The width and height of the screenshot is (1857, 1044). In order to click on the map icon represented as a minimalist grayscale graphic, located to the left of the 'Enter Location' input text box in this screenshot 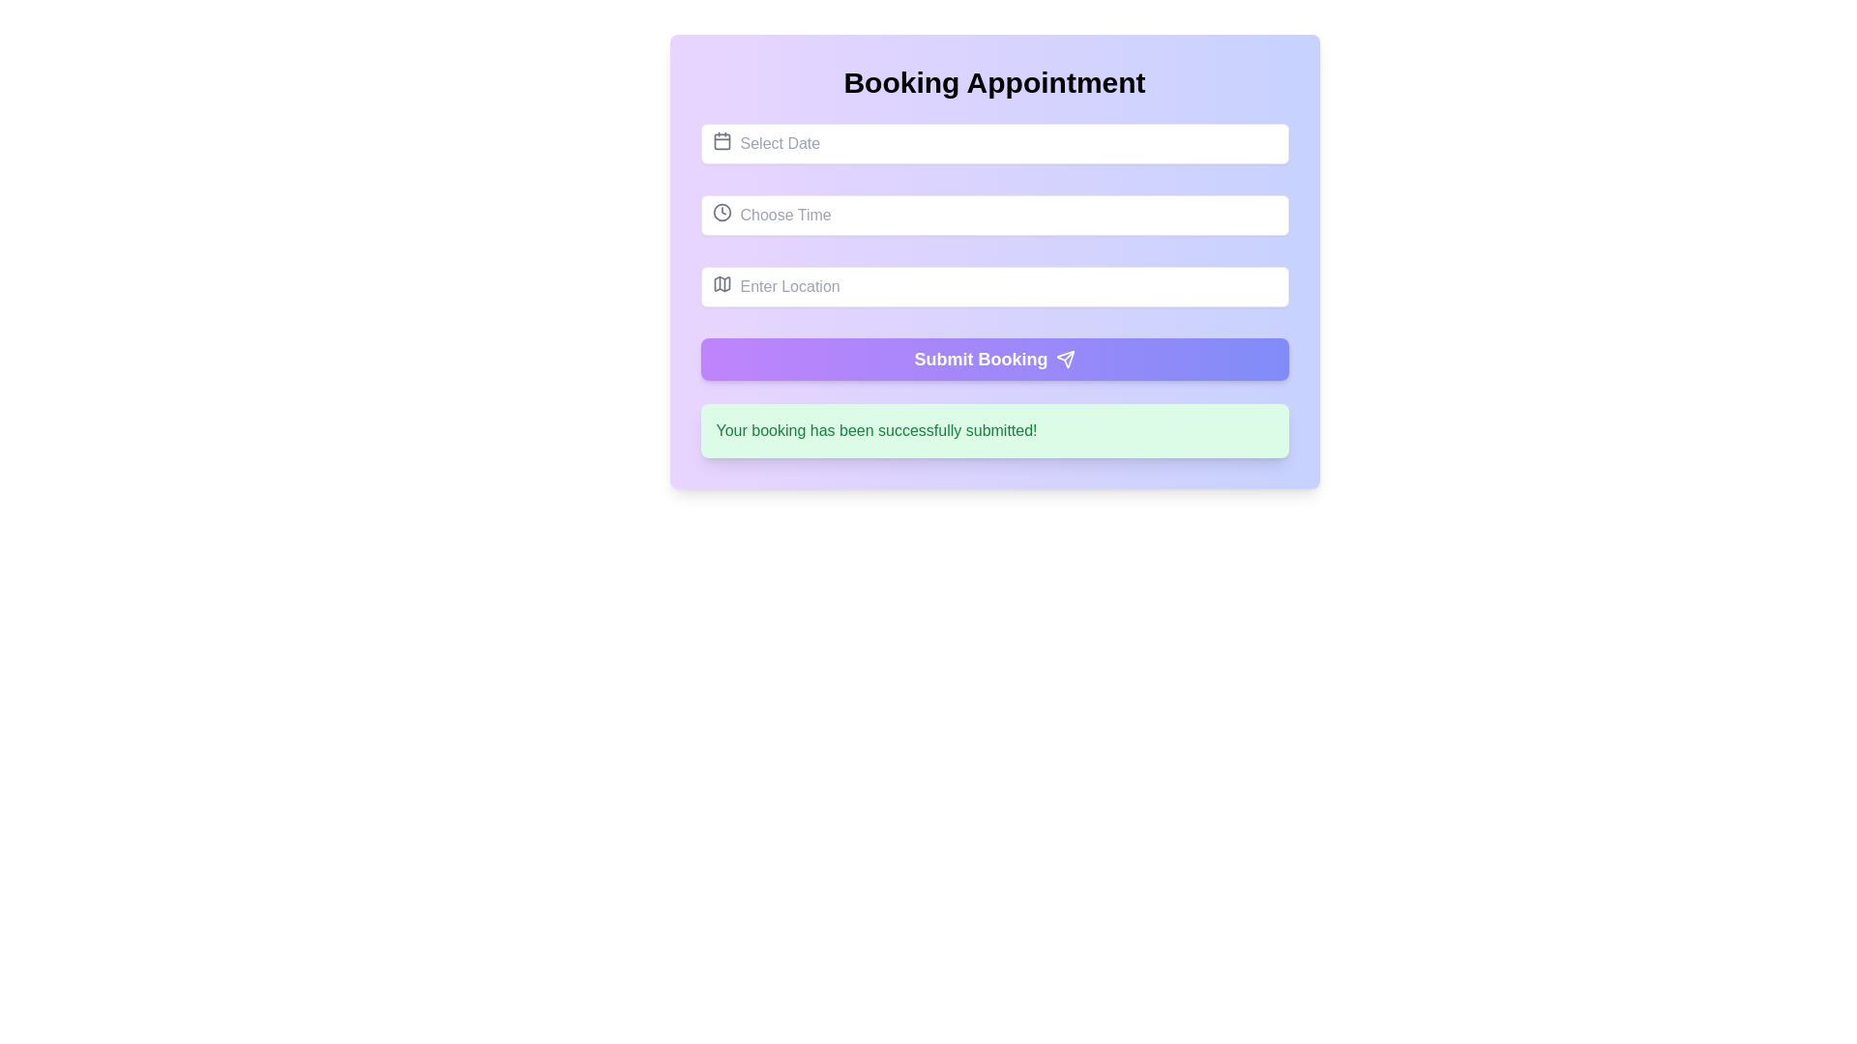, I will do `click(721, 283)`.